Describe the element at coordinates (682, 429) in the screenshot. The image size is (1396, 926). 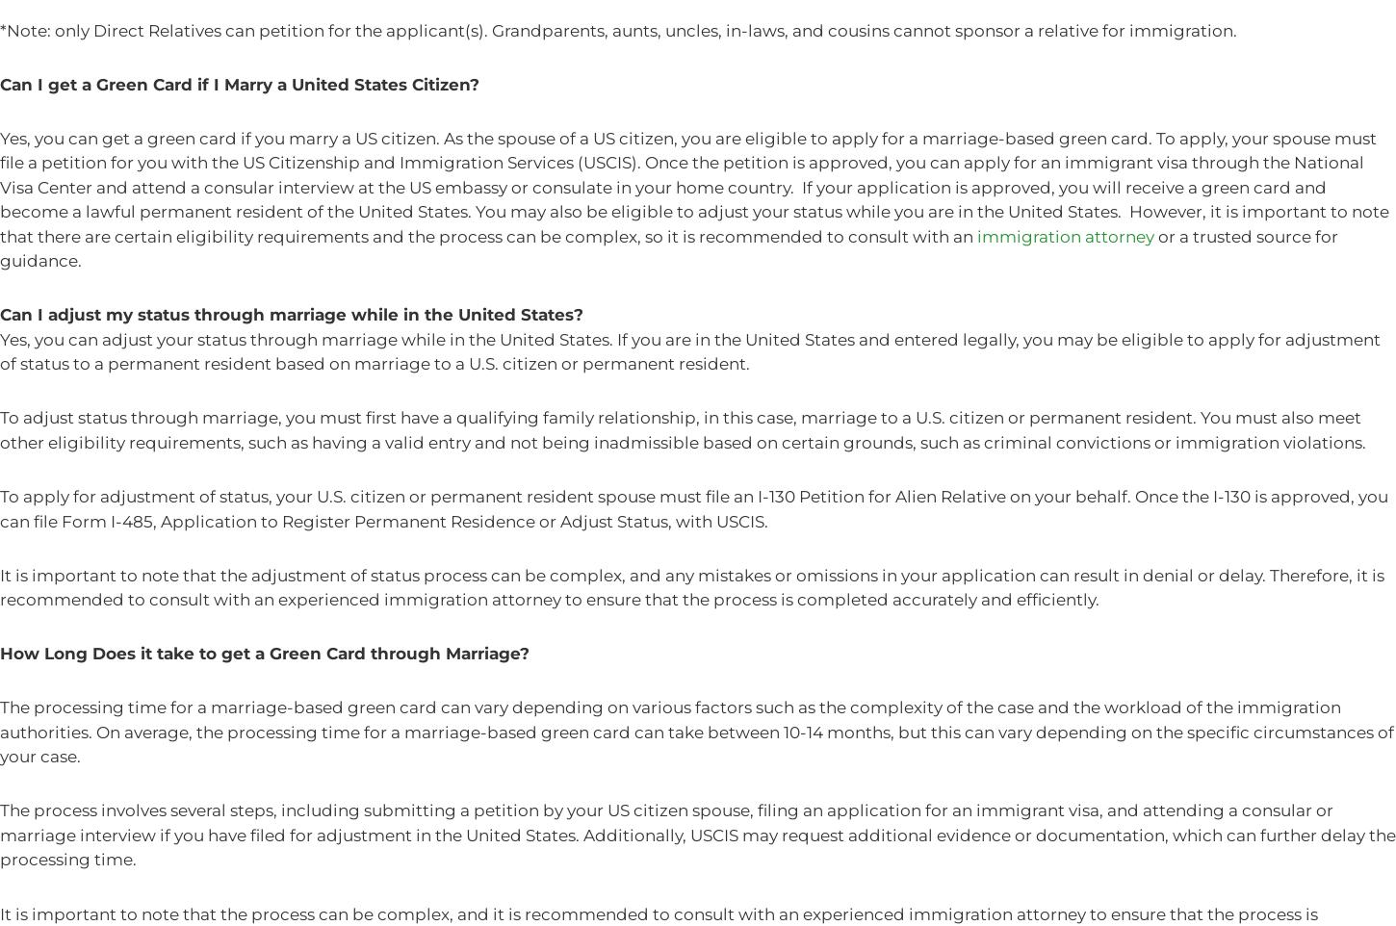
I see `'To adjust status through marriage, you must first have a qualifying family relationship, in this case, marriage to a U.S. citizen or permanent resident. You must also meet other eligibility requirements, such as having a valid entry and not being inadmissible based on certain grounds, such as criminal convictions or immigration violations.'` at that location.